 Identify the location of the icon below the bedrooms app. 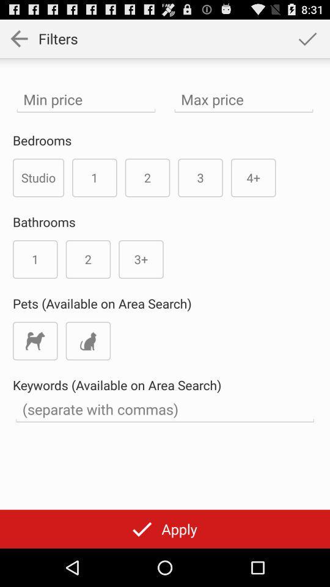
(38, 177).